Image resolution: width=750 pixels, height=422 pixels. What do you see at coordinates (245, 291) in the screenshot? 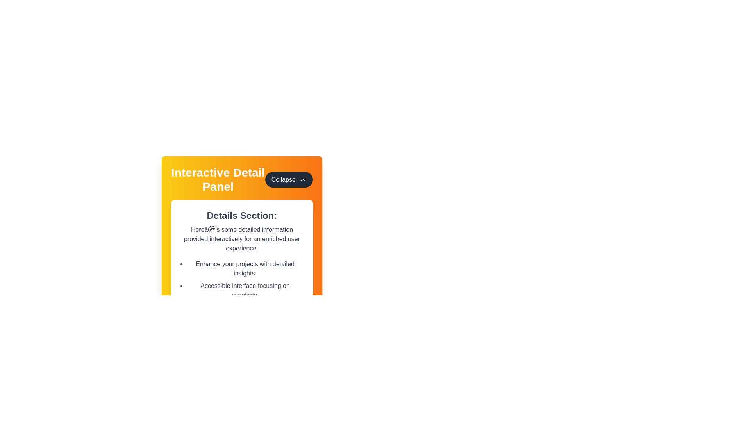
I see `the textual list item containing the text 'Accessible interface focusing on simplicity.' located in the 'Details Section' box under the 'Interactive Detail Panel'` at bounding box center [245, 291].